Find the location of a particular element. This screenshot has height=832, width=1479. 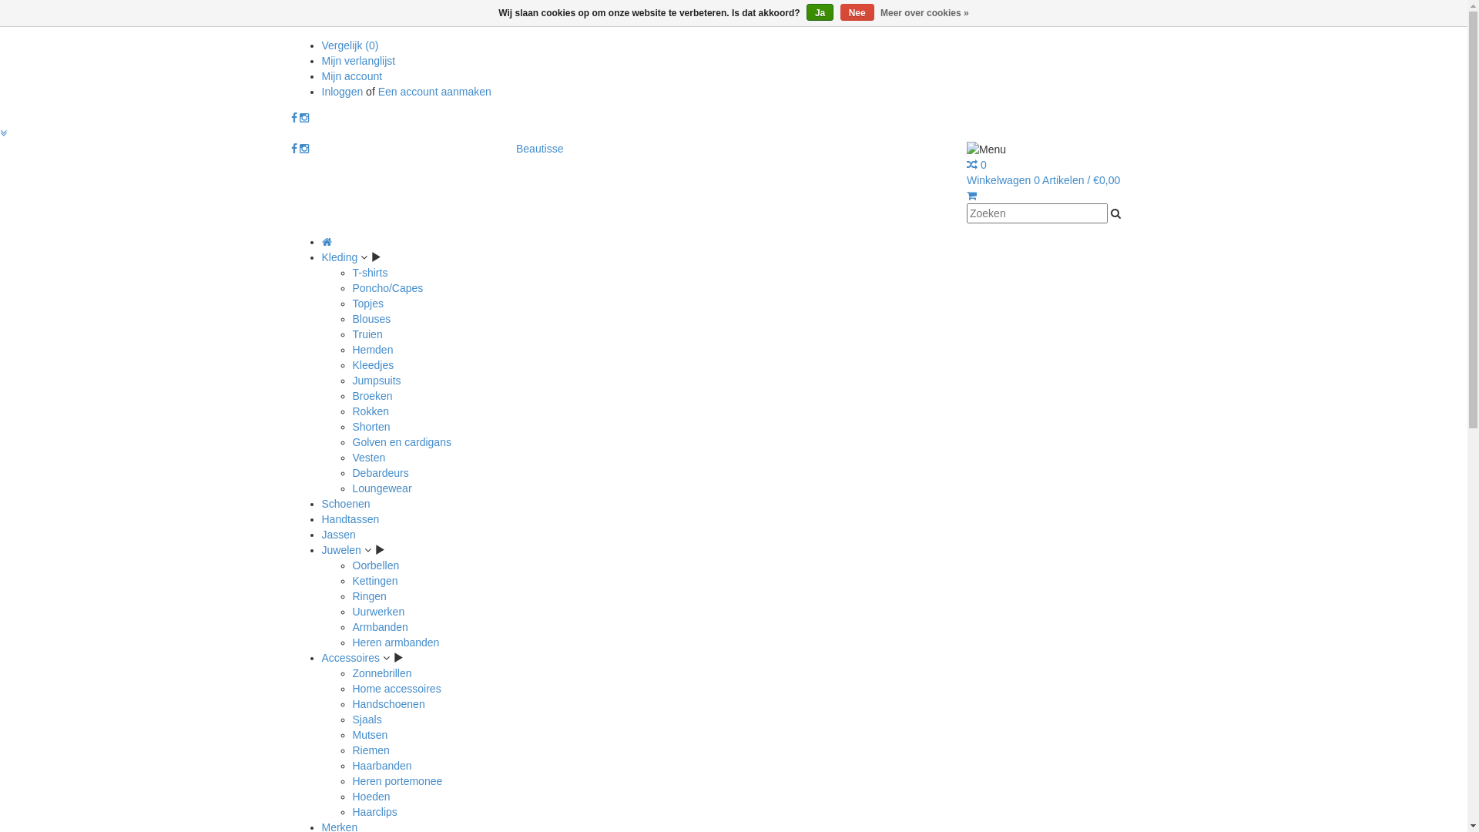

'Hemden' is located at coordinates (373, 350).